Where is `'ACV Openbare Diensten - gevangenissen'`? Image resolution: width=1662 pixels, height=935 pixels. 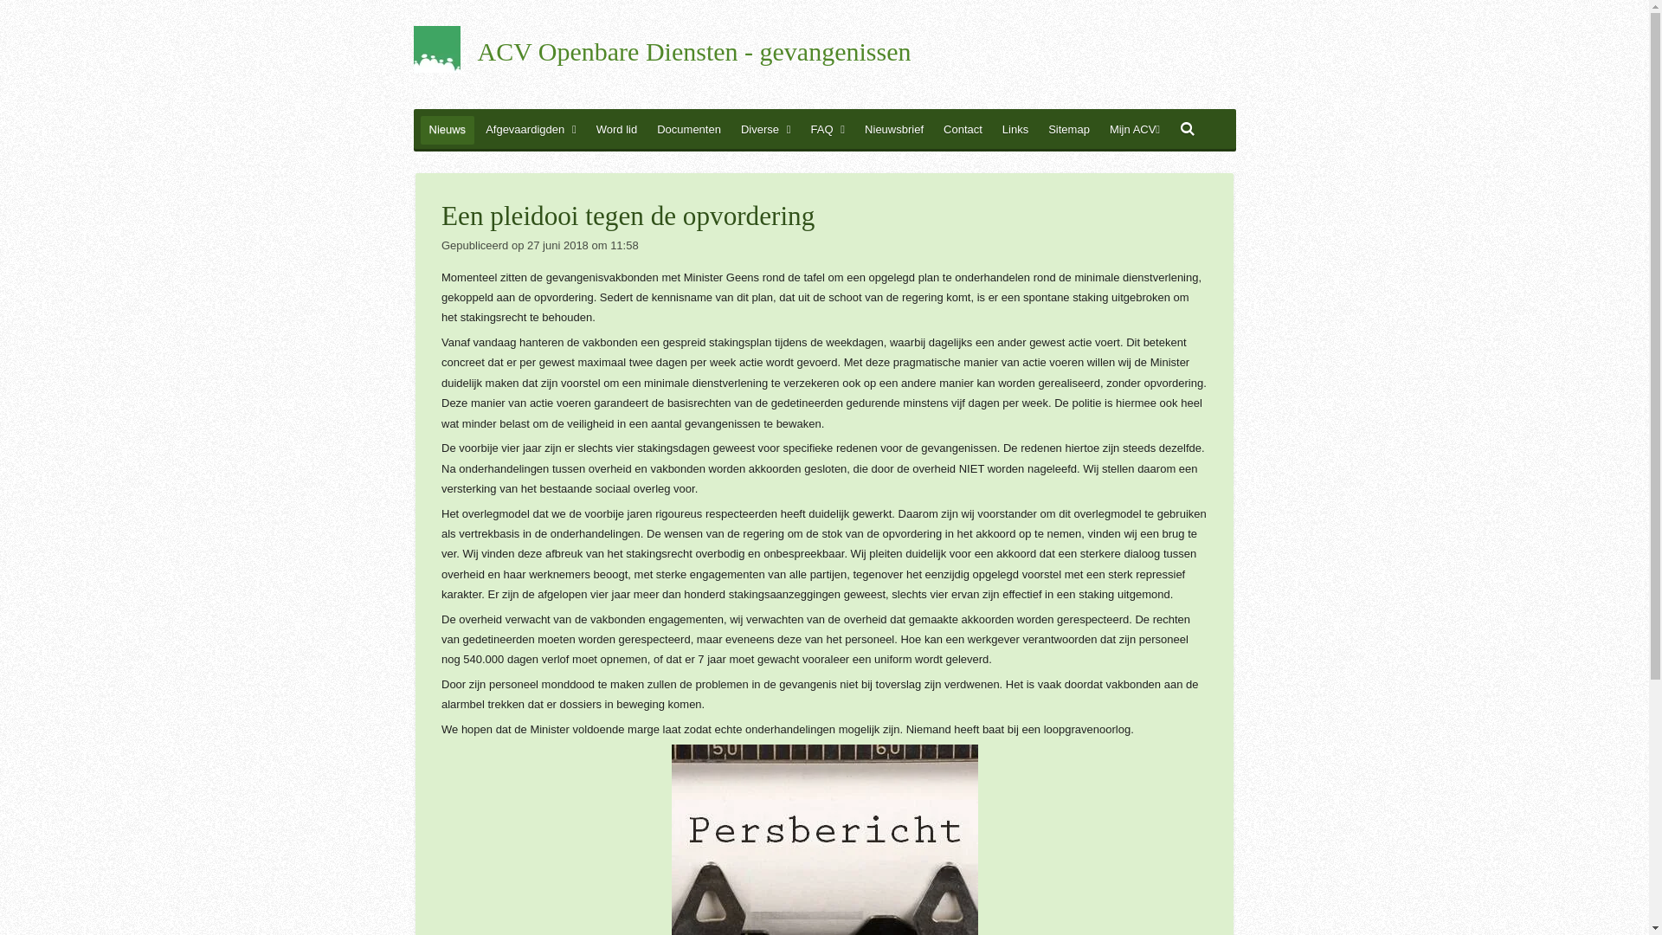
'ACV Openbare Diensten - gevangenissen' is located at coordinates (694, 52).